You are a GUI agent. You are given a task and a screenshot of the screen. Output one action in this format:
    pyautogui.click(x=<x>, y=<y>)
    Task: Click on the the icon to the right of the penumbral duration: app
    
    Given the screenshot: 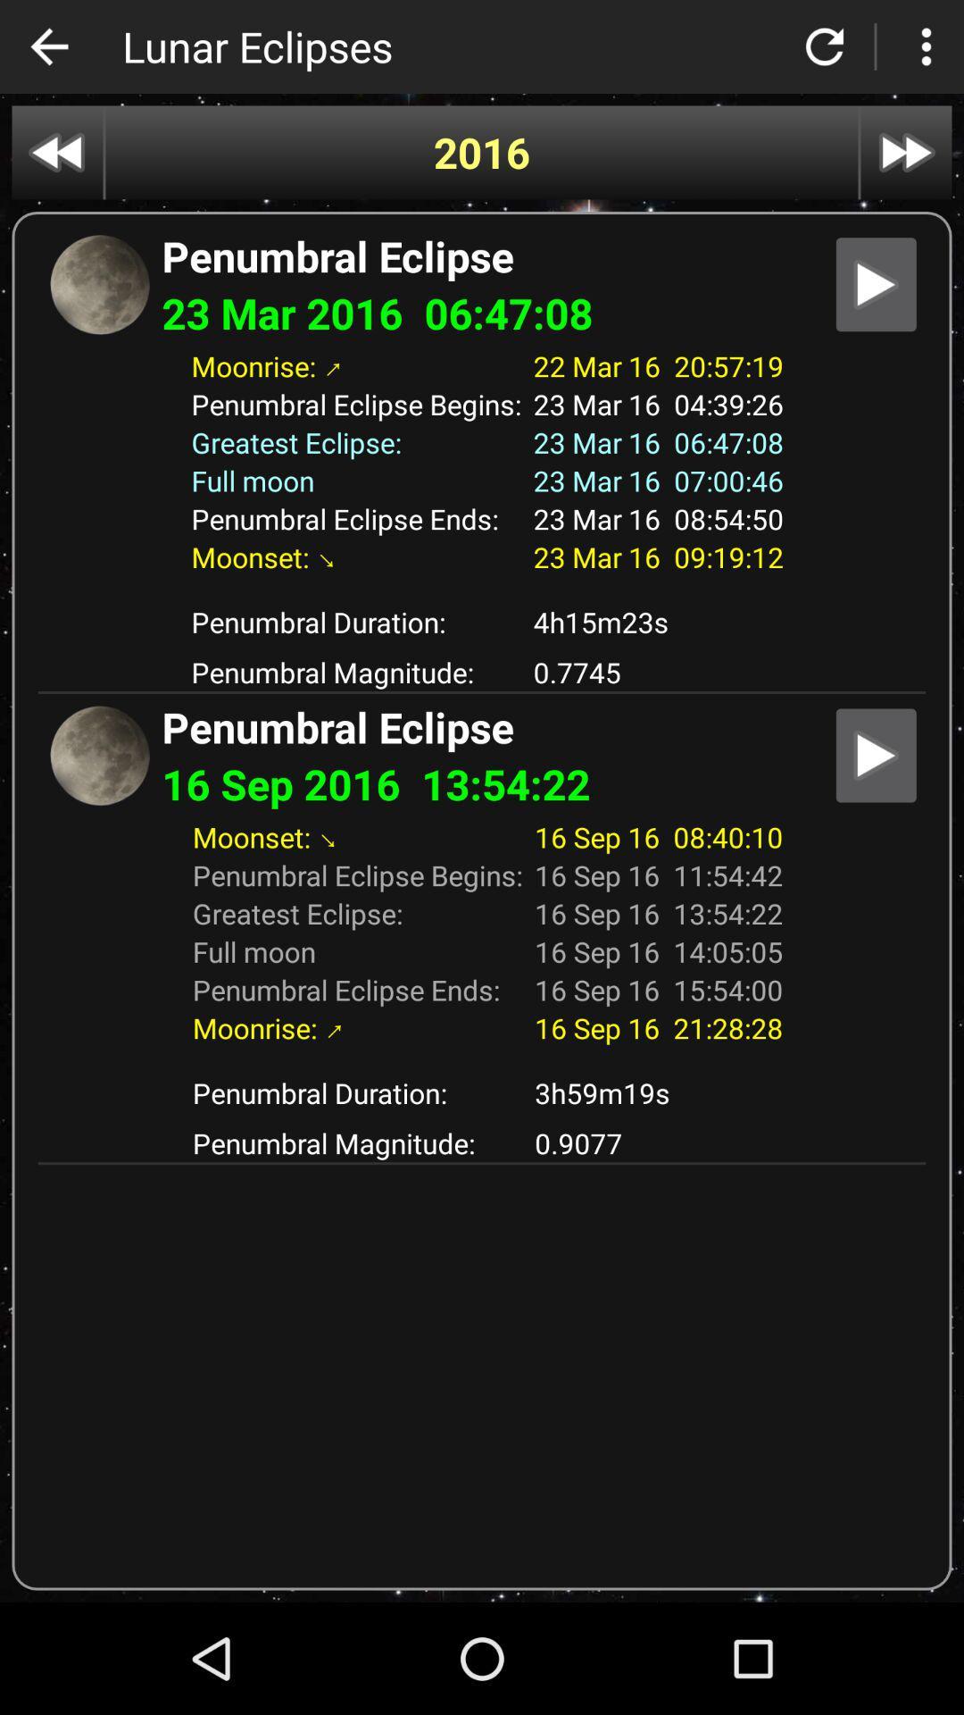 What is the action you would take?
    pyautogui.click(x=658, y=622)
    